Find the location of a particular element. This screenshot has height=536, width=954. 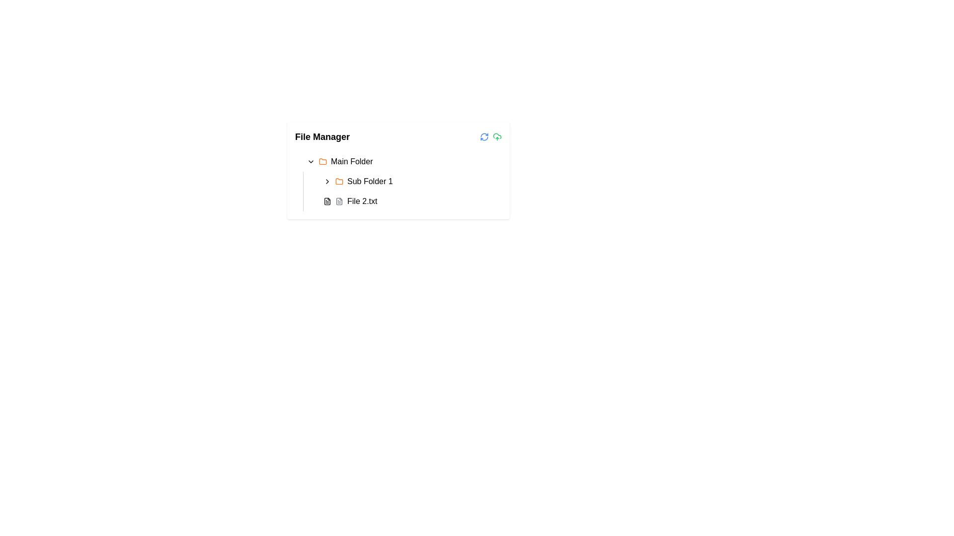

the chevron-shaped icon is located at coordinates (327, 182).